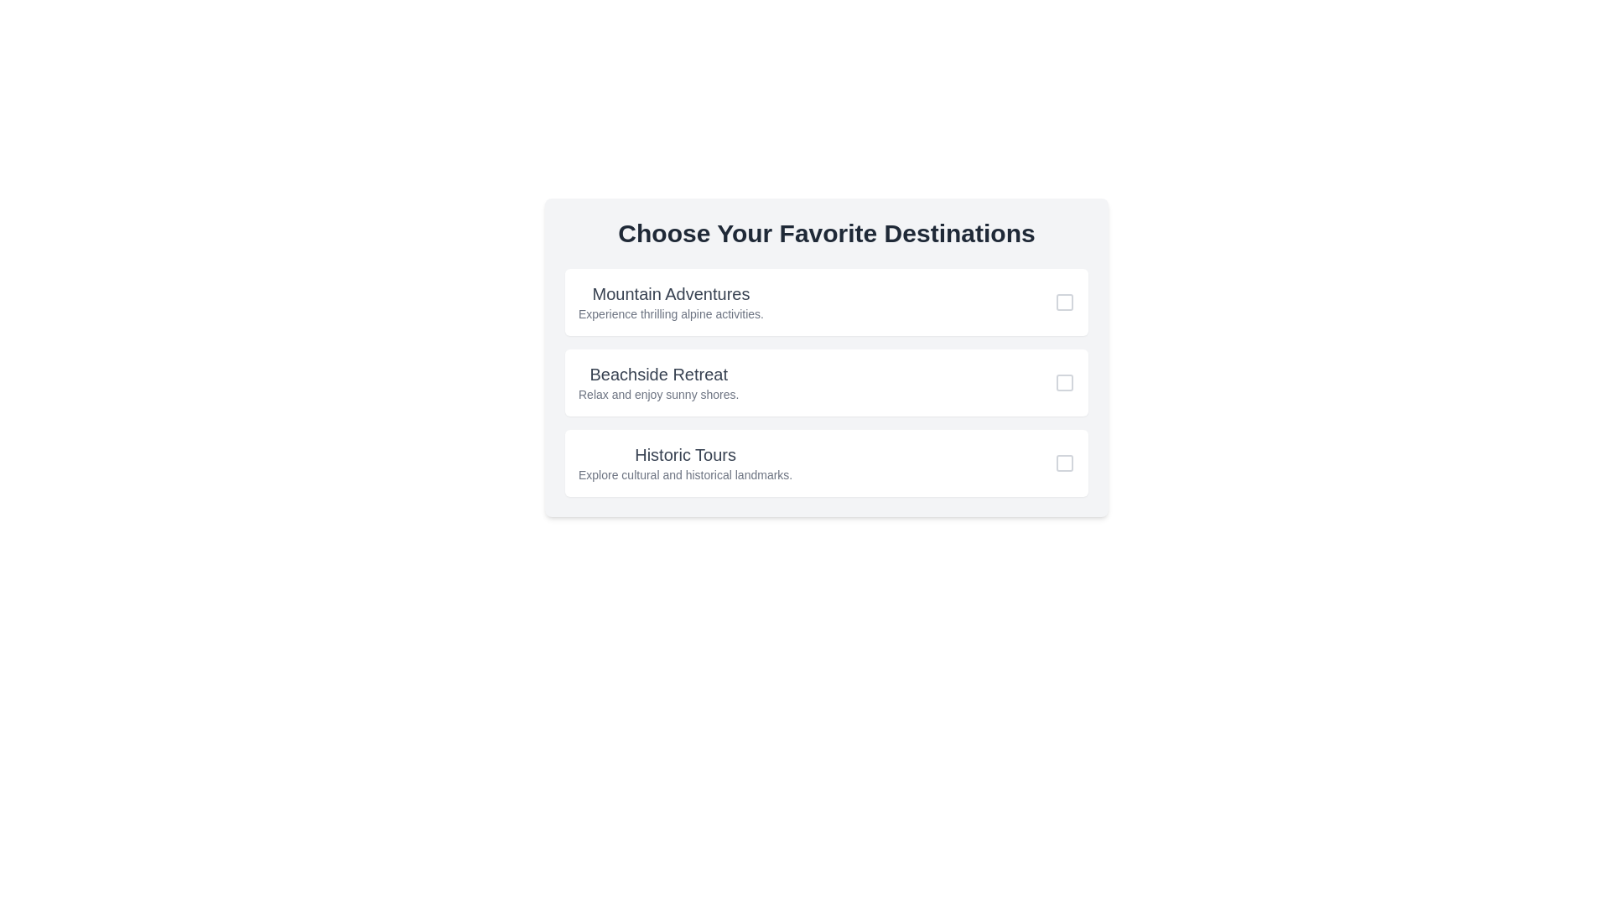  What do you see at coordinates (657, 374) in the screenshot?
I see `the static text label reading 'Beachside Retreat', which is styled with a larger font size, bold text weight, and gray color, located at the top-middle of the second box in a vertical list of options` at bounding box center [657, 374].